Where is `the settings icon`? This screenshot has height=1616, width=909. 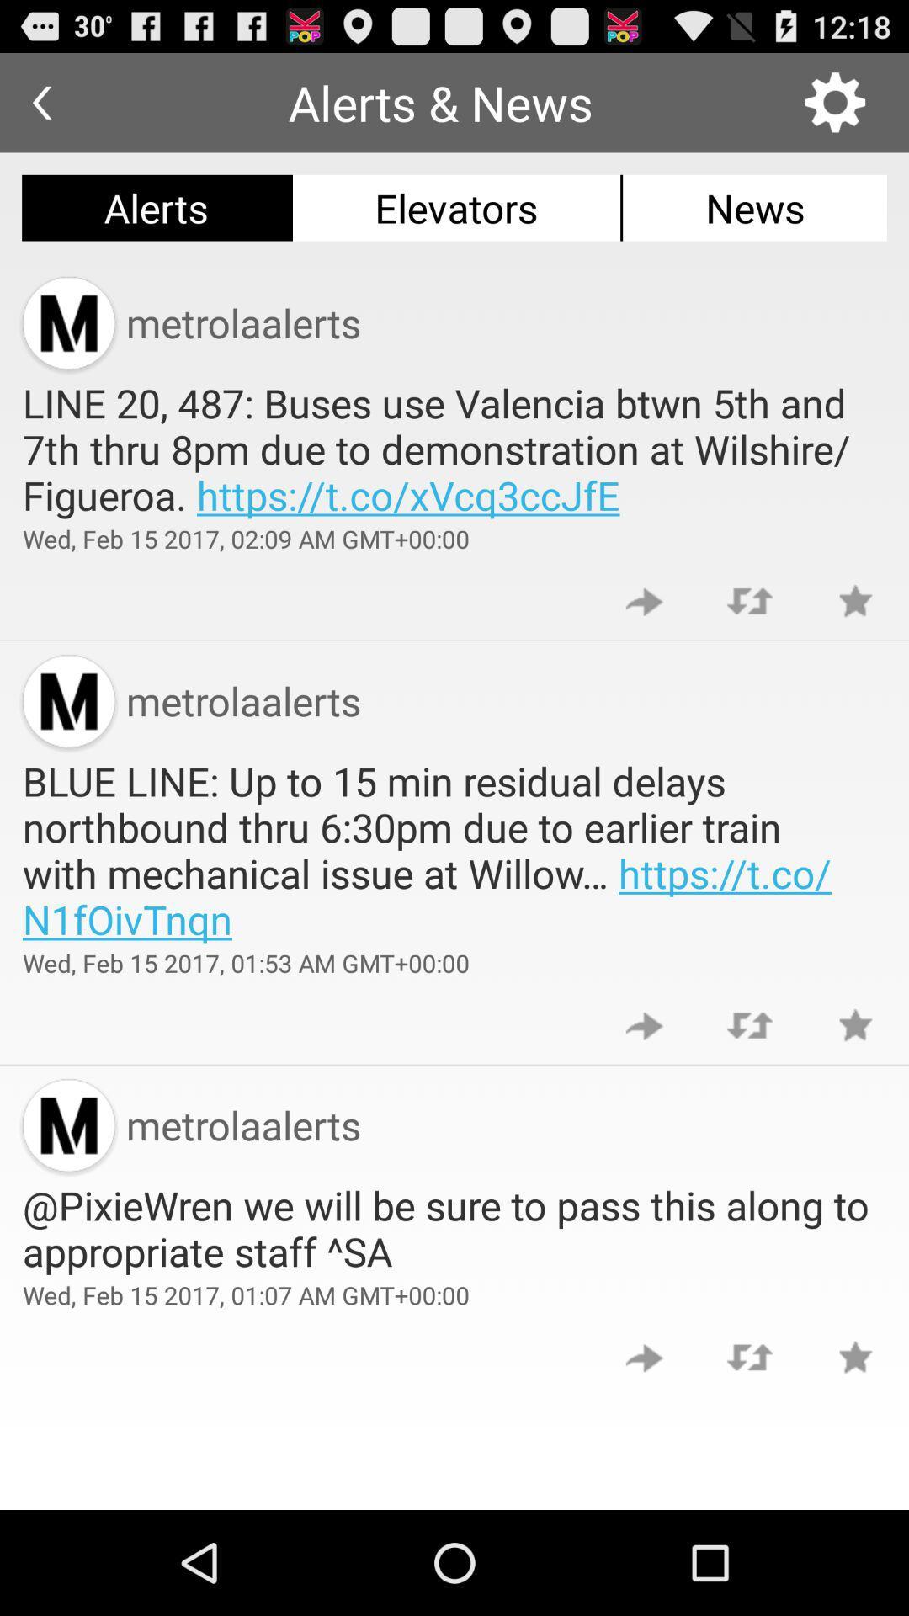 the settings icon is located at coordinates (835, 109).